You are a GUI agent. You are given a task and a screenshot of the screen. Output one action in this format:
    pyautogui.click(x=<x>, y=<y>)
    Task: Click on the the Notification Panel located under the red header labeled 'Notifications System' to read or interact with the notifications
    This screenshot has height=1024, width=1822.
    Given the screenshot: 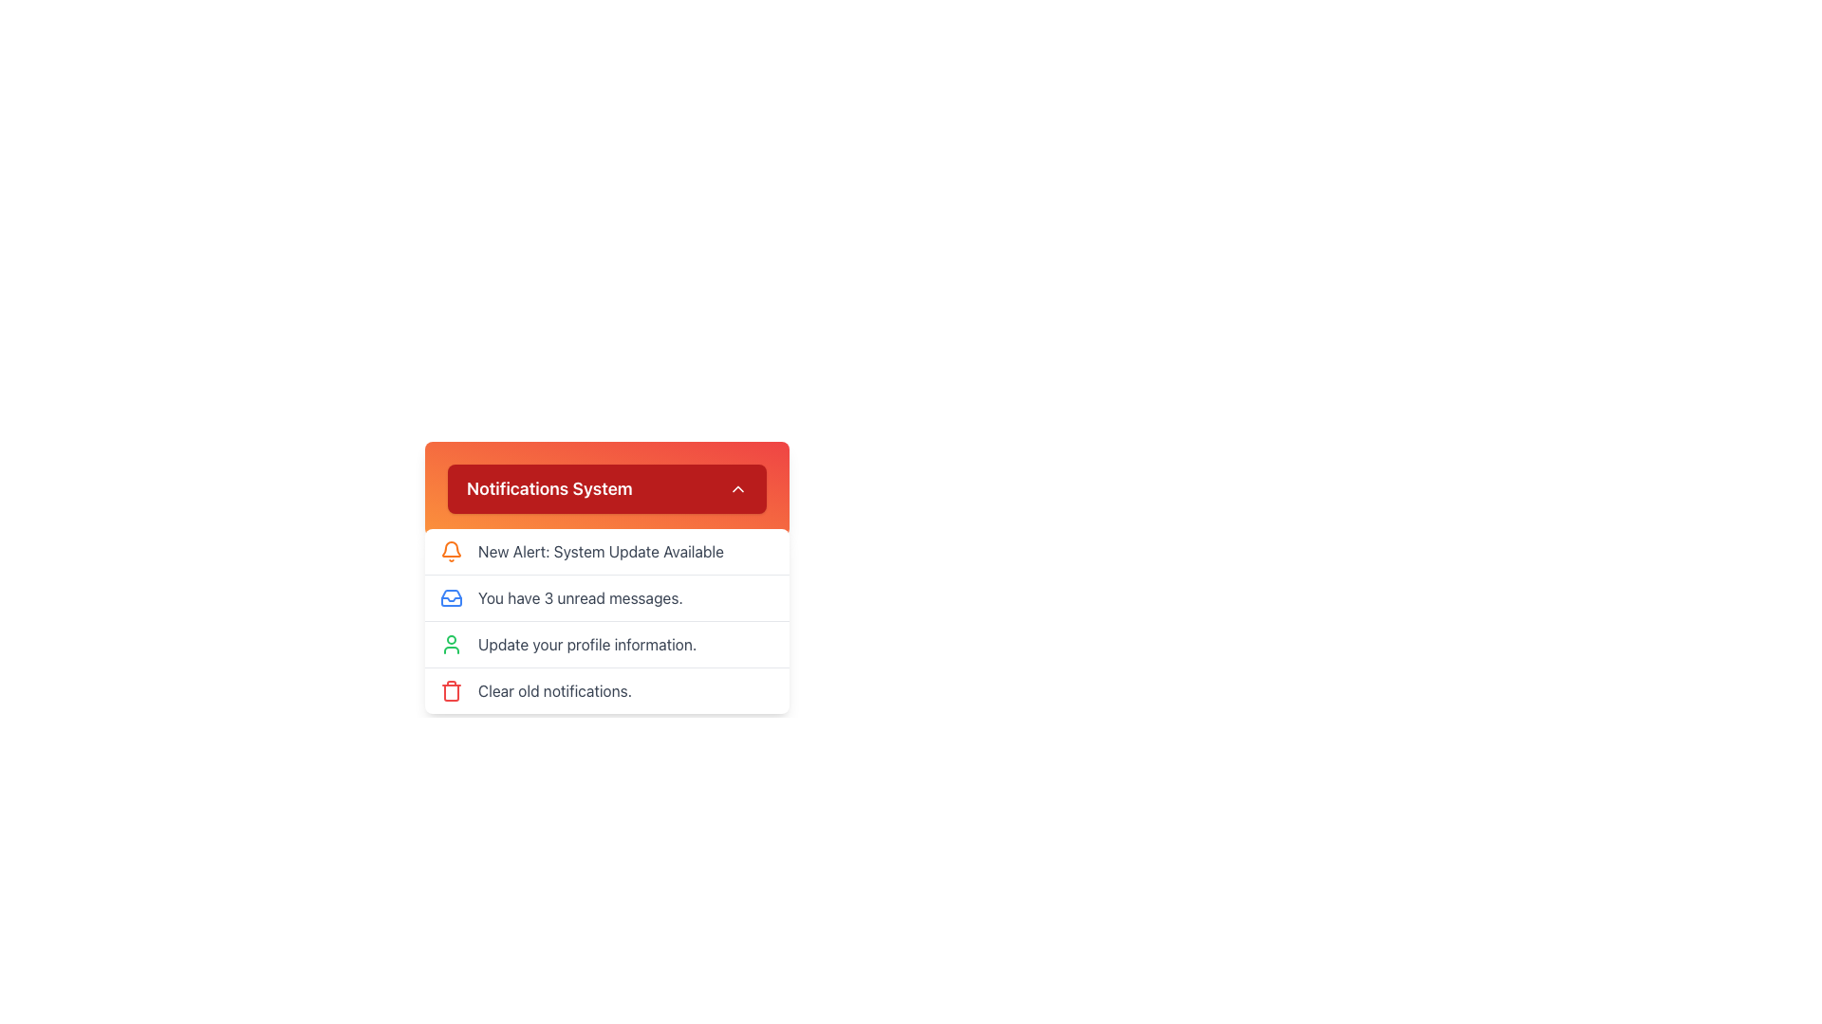 What is the action you would take?
    pyautogui.click(x=605, y=548)
    